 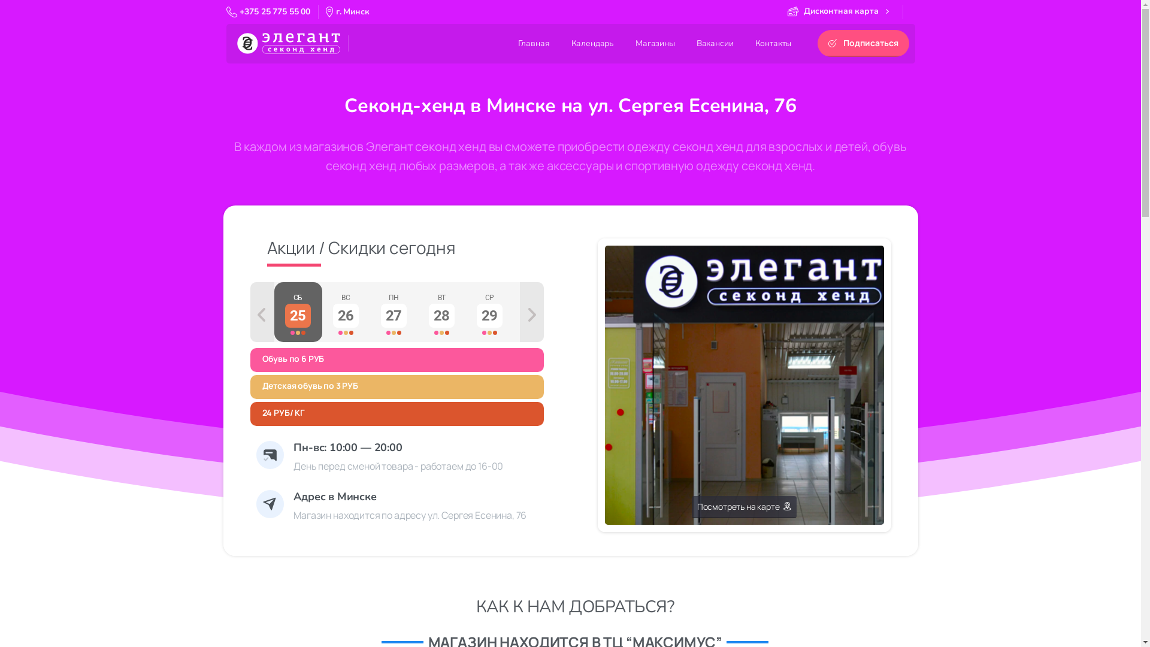 What do you see at coordinates (268, 11) in the screenshot?
I see `'+375 25 775 55 00'` at bounding box center [268, 11].